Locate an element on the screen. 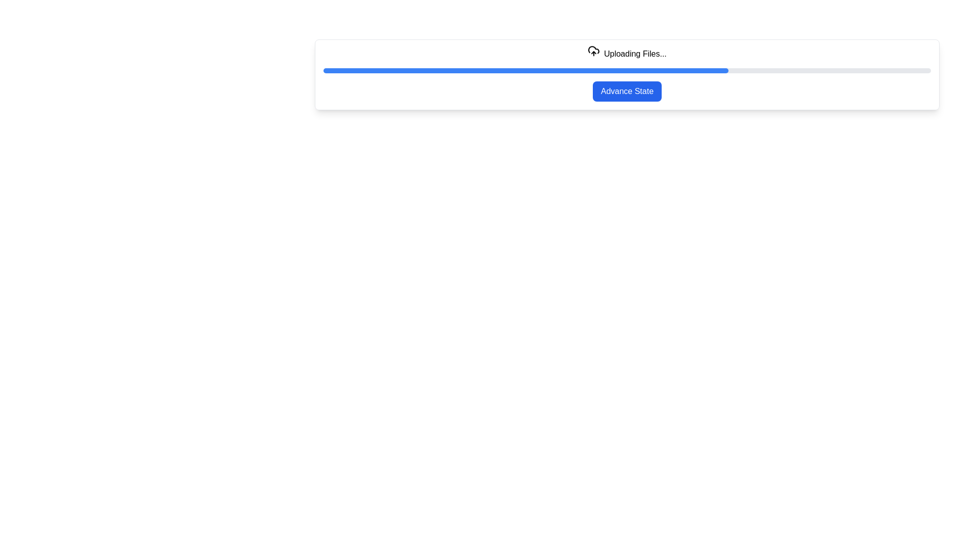 Image resolution: width=972 pixels, height=546 pixels. the text label 'Uploading Files...' which is accompanied by a cloud icon with an upward arrow, located at the top-center above the progress bar and 'Advance State' button is located at coordinates (626, 54).